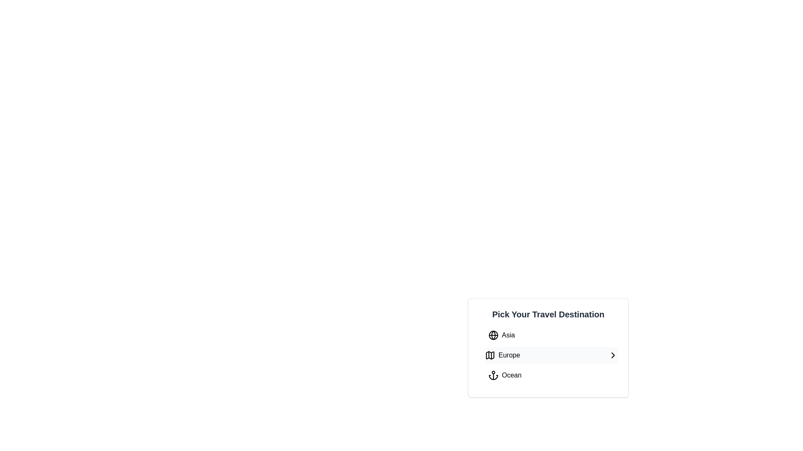  Describe the element at coordinates (490, 355) in the screenshot. I see `the small outlined icon resembling a map, which is located immediately to the left of the text label 'Europe' in the 'Pick Your Travel Destination' section` at that location.